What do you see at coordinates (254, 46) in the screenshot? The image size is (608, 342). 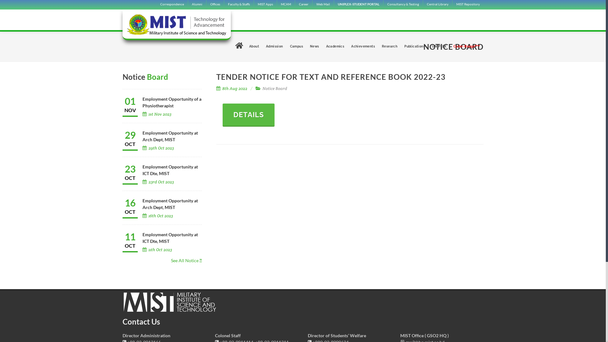 I see `'About'` at bounding box center [254, 46].